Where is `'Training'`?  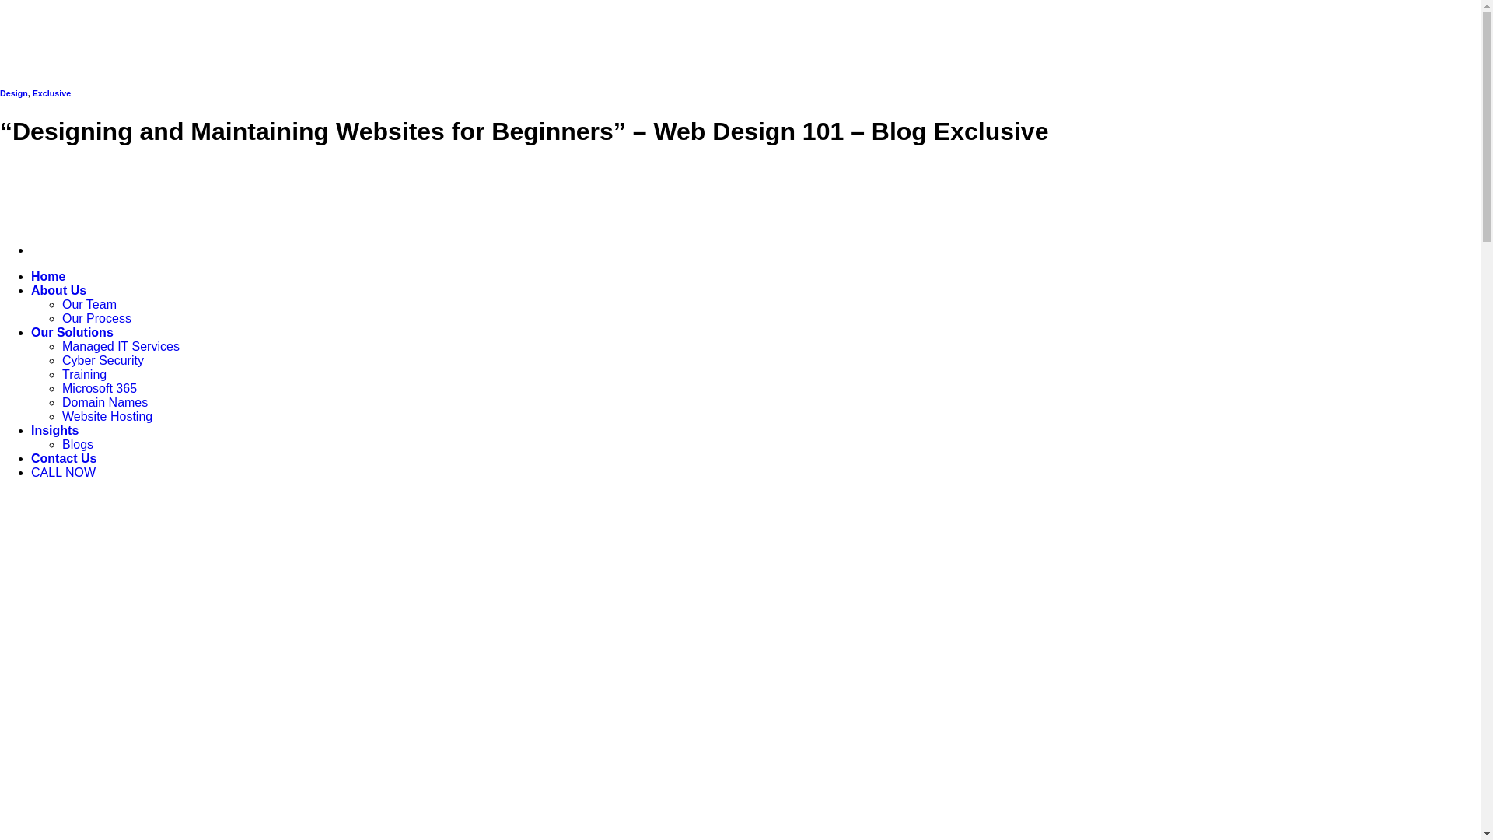 'Training' is located at coordinates (83, 374).